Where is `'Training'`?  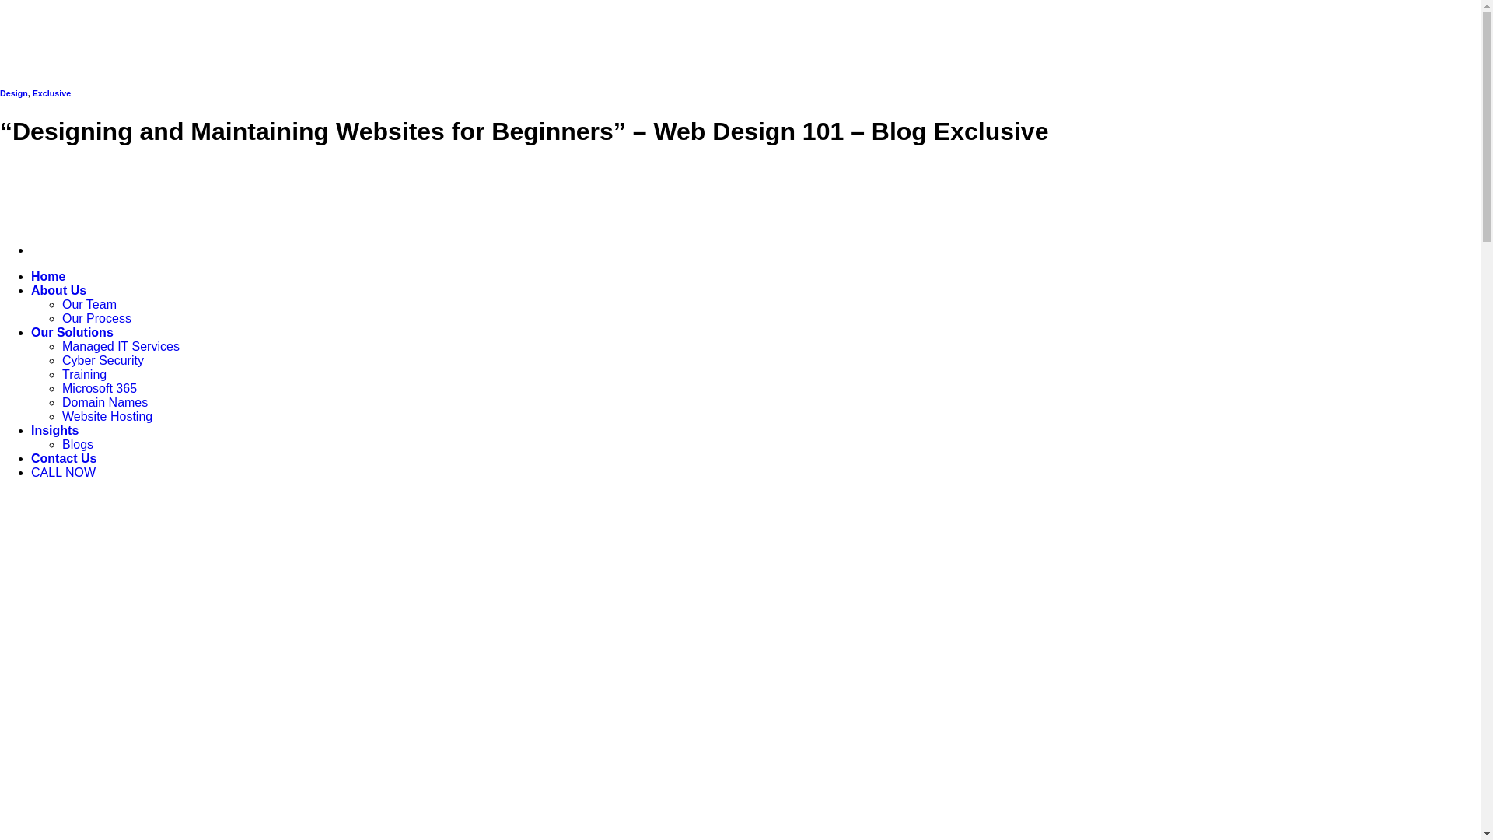 'Training' is located at coordinates (83, 374).